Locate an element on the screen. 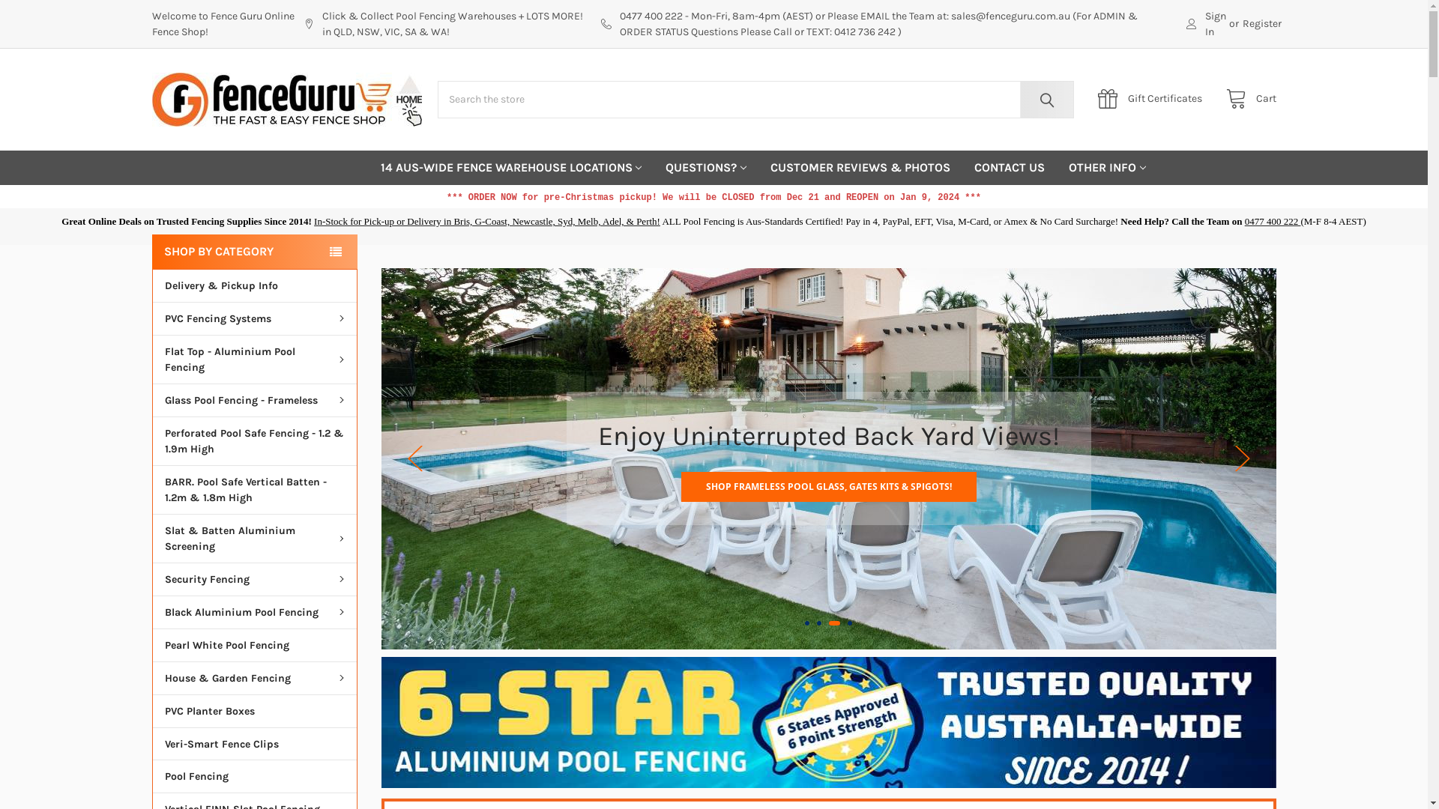  'PVC Fencing Systems' is located at coordinates (255, 317).